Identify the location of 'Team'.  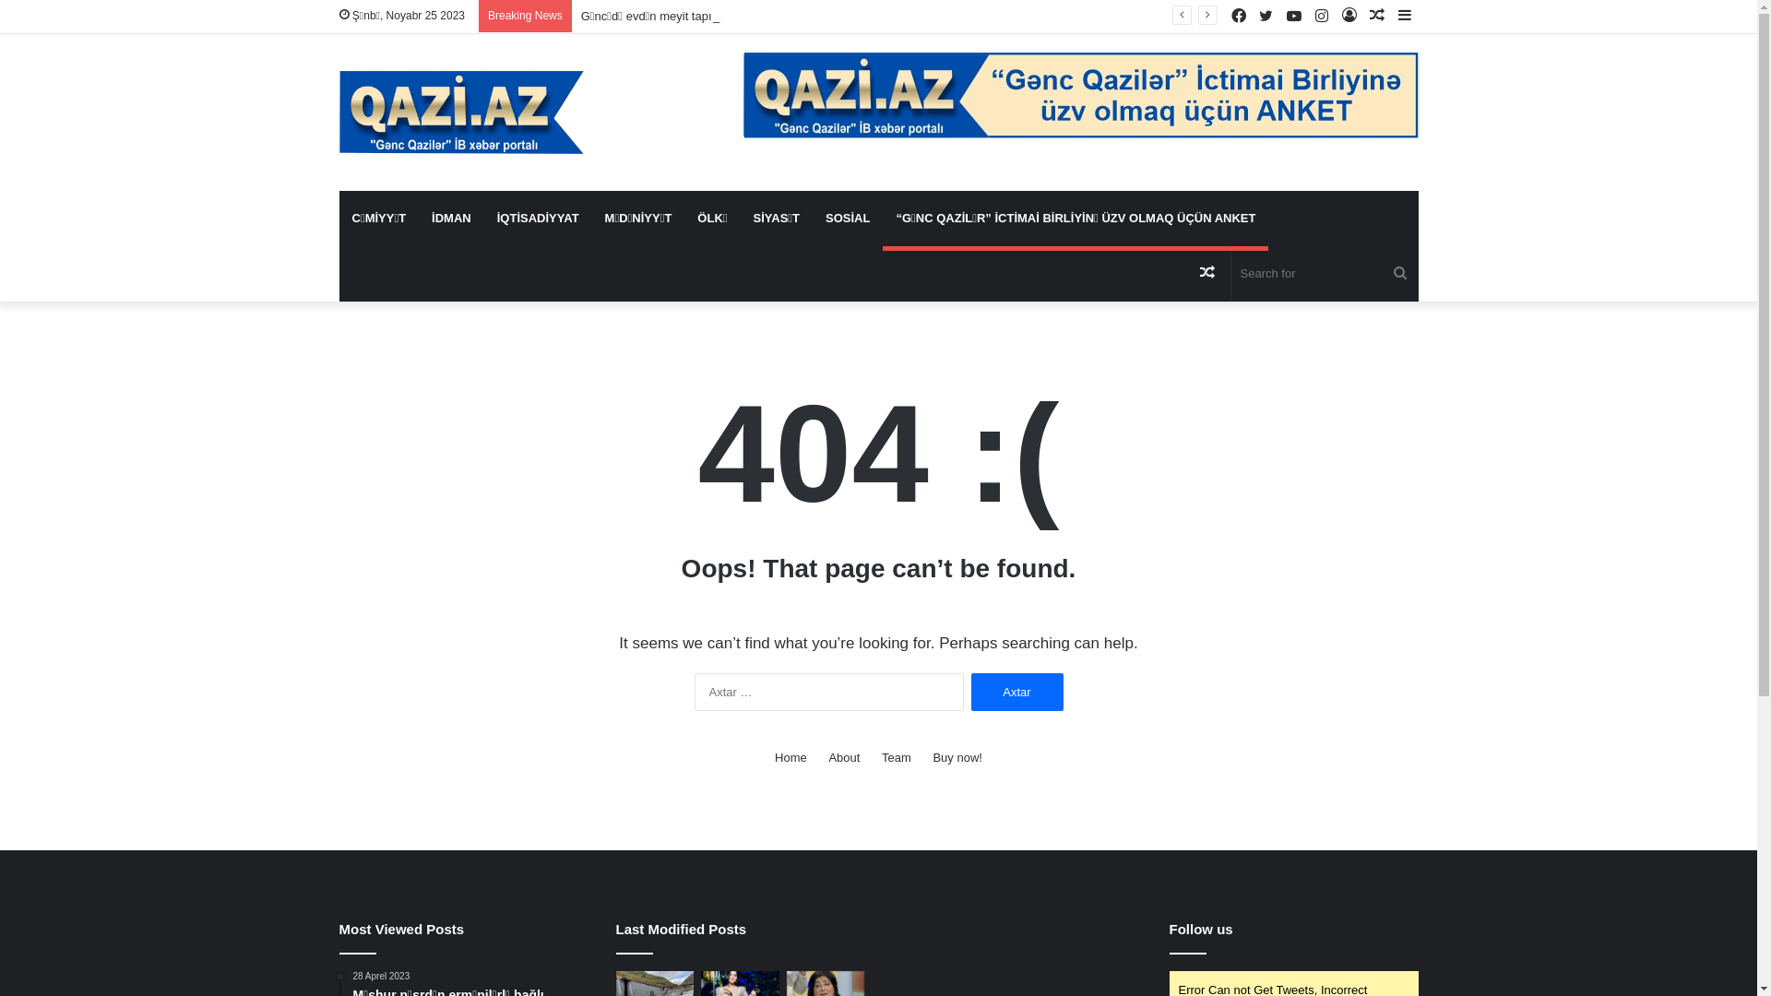
(896, 757).